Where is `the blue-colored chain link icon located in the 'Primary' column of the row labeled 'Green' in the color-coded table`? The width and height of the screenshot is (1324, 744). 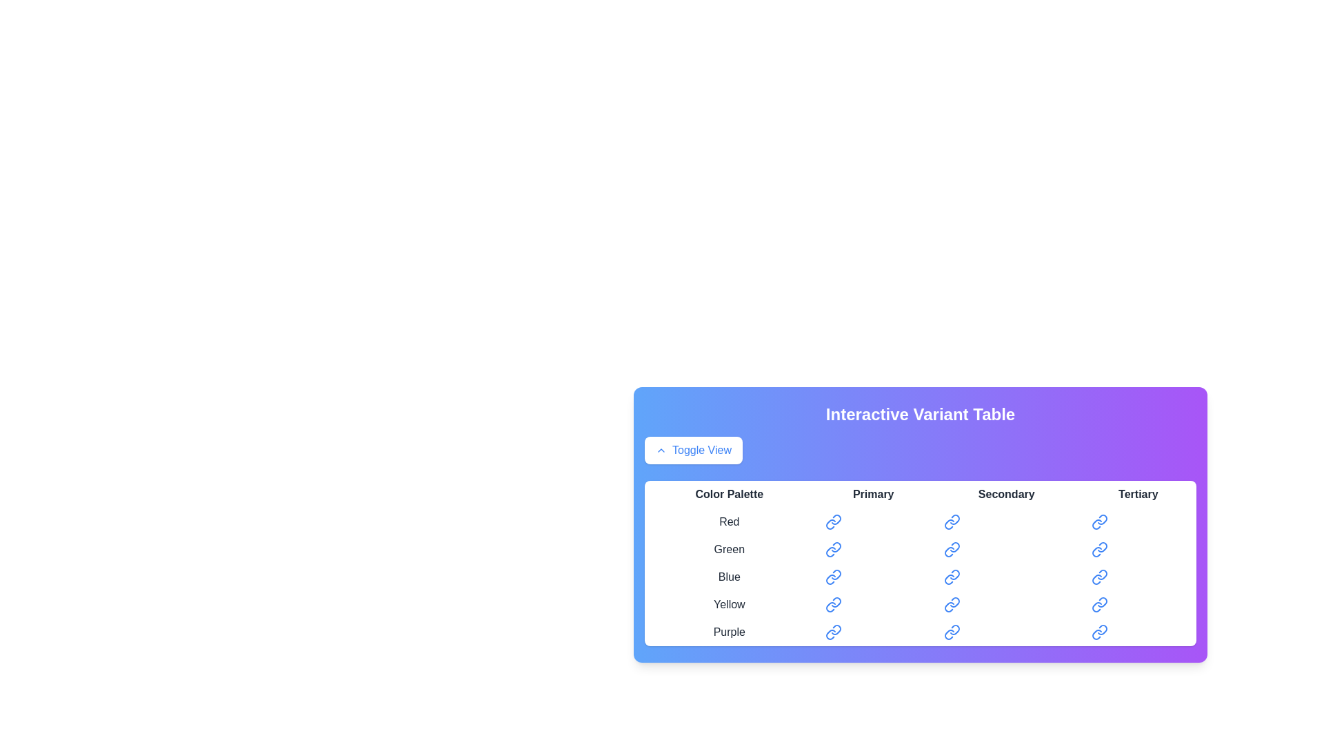
the blue-colored chain link icon located in the 'Primary' column of the row labeled 'Green' in the color-coded table is located at coordinates (835, 546).